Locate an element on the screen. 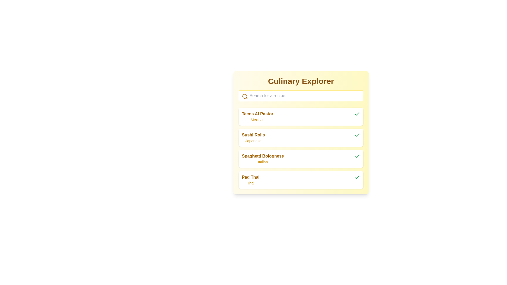  the search icon located on the left side of the search input field is located at coordinates (245, 97).